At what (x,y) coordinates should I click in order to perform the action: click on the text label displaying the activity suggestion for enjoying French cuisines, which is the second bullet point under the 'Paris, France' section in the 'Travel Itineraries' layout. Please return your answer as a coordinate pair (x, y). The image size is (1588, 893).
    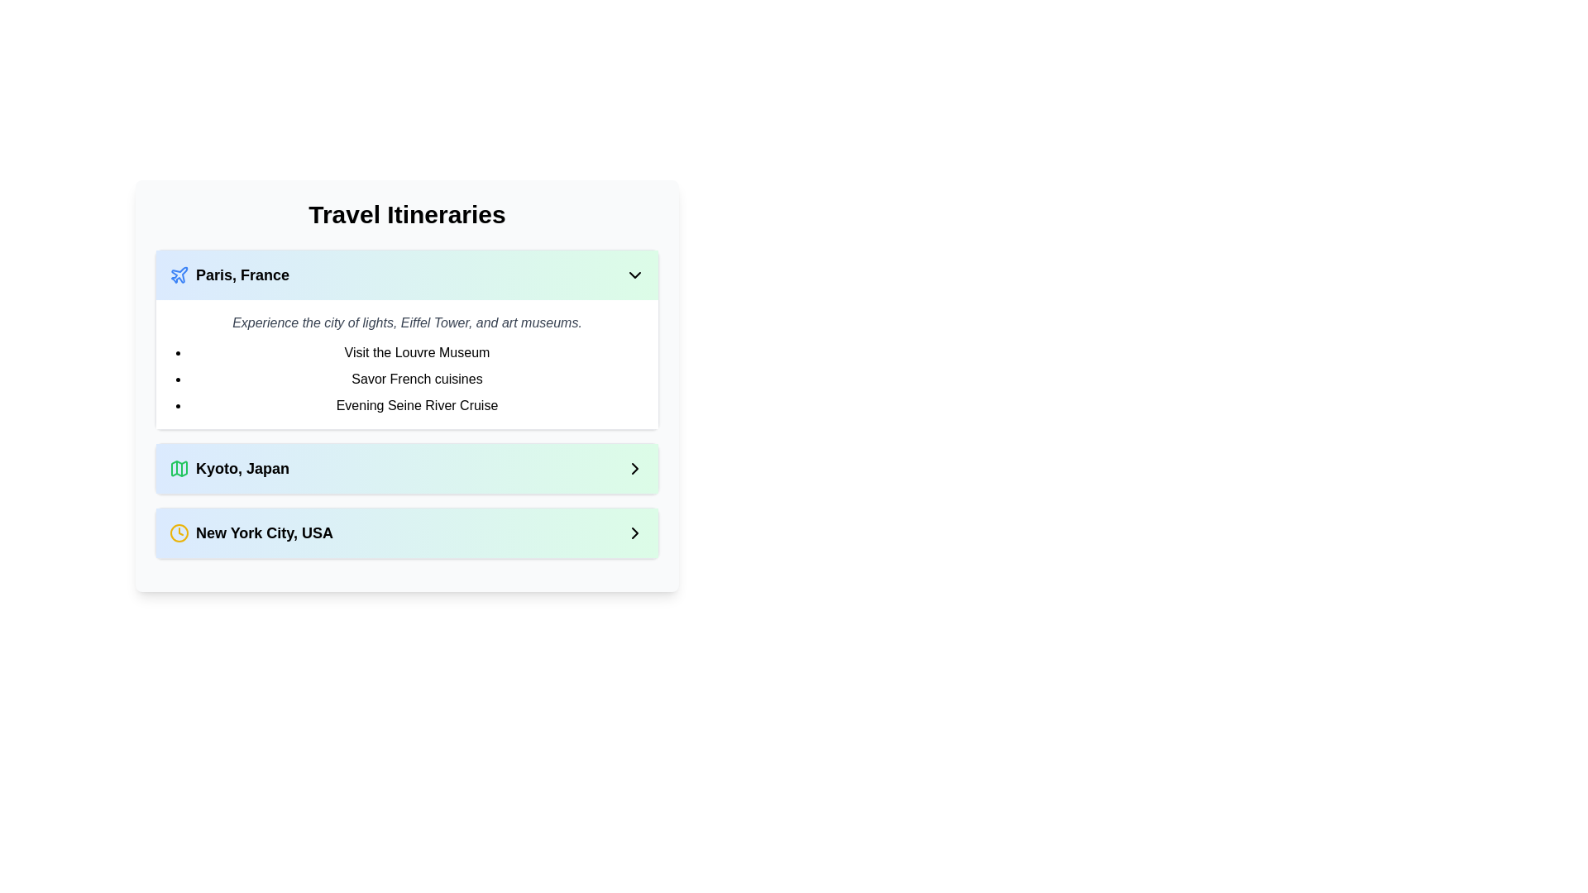
    Looking at the image, I should click on (417, 380).